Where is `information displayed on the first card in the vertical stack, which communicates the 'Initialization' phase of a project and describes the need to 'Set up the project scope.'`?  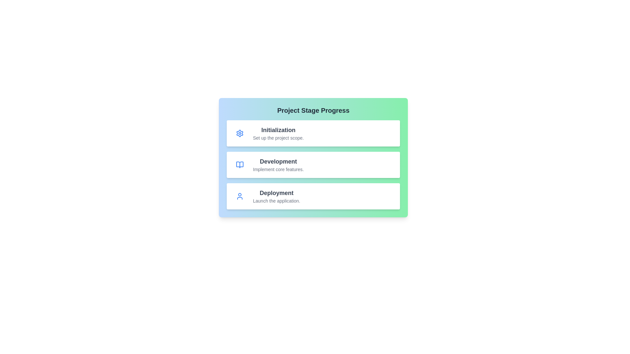
information displayed on the first card in the vertical stack, which communicates the 'Initialization' phase of a project and describes the need to 'Set up the project scope.' is located at coordinates (313, 133).